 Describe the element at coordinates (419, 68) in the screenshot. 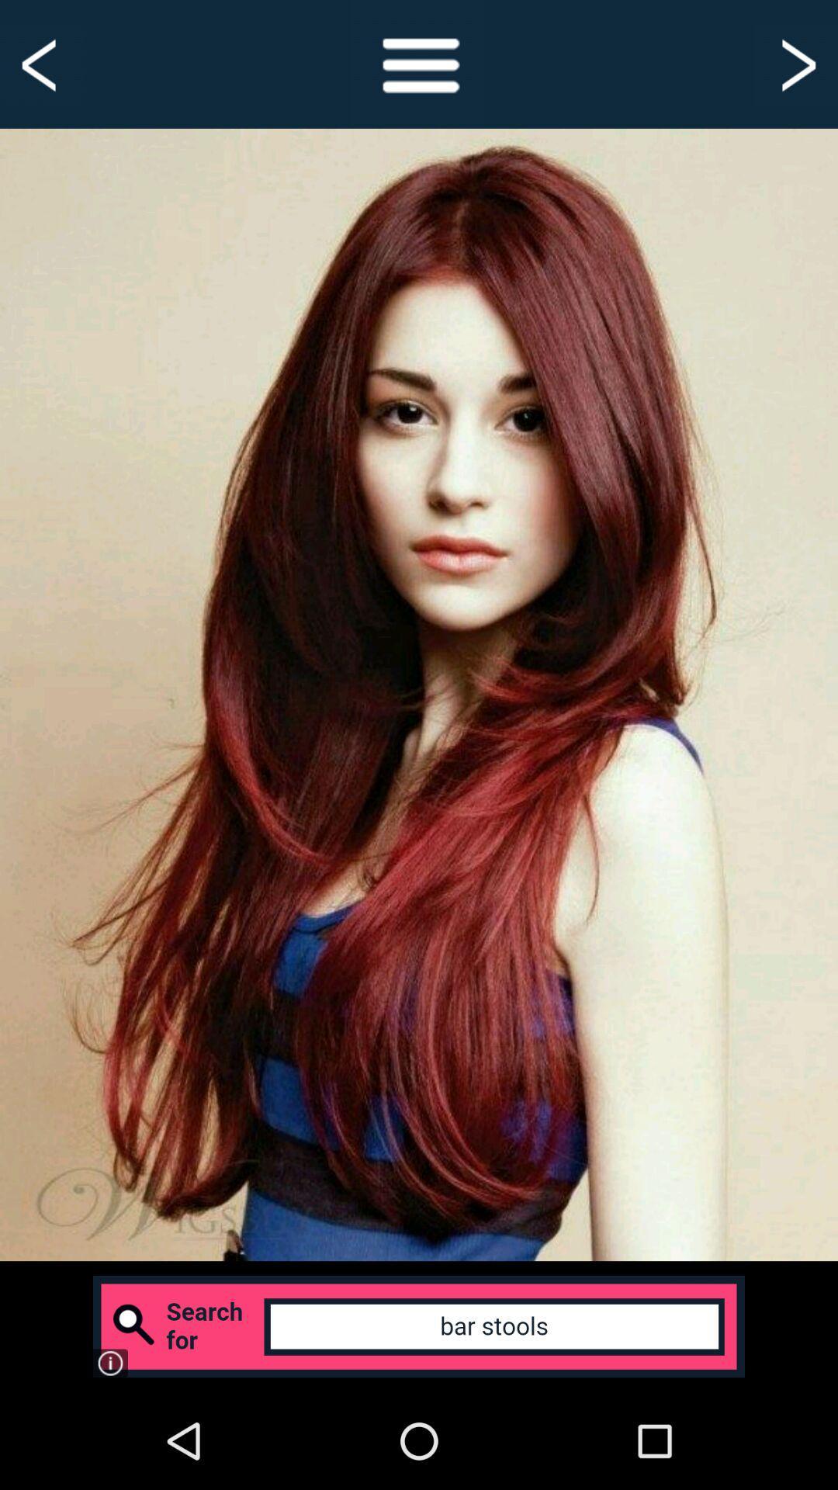

I see `the menu icon` at that location.